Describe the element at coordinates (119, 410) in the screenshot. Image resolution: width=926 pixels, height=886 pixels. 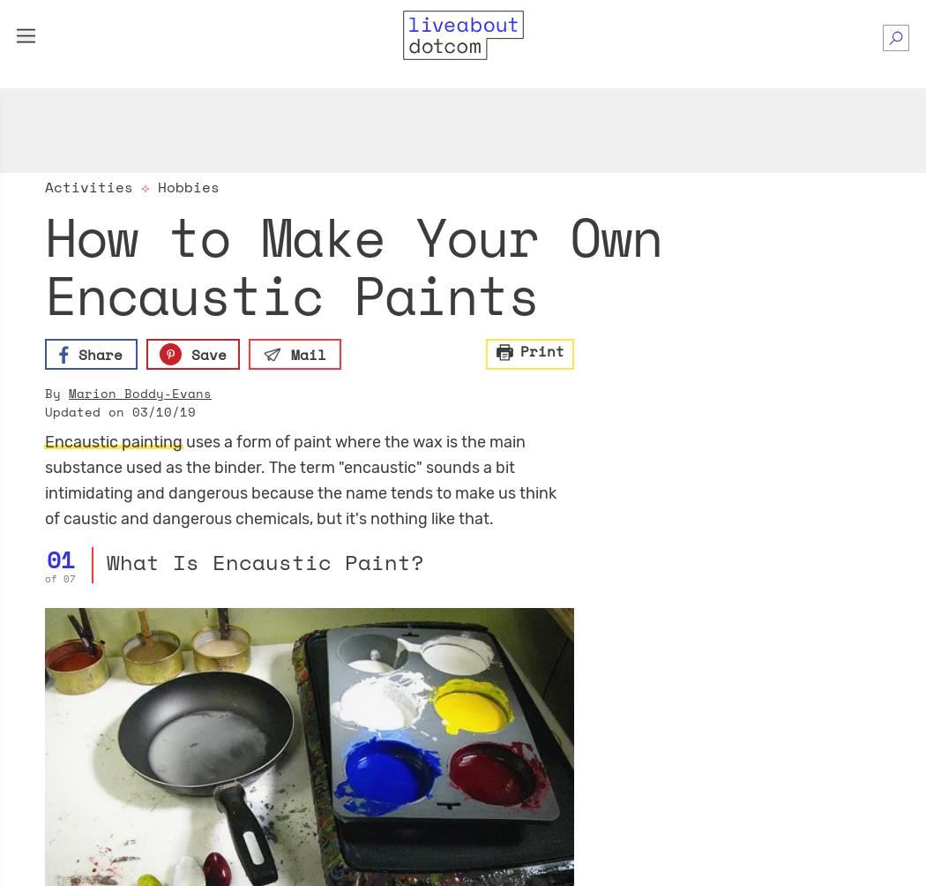
I see `'Updated on 03/10/19'` at that location.